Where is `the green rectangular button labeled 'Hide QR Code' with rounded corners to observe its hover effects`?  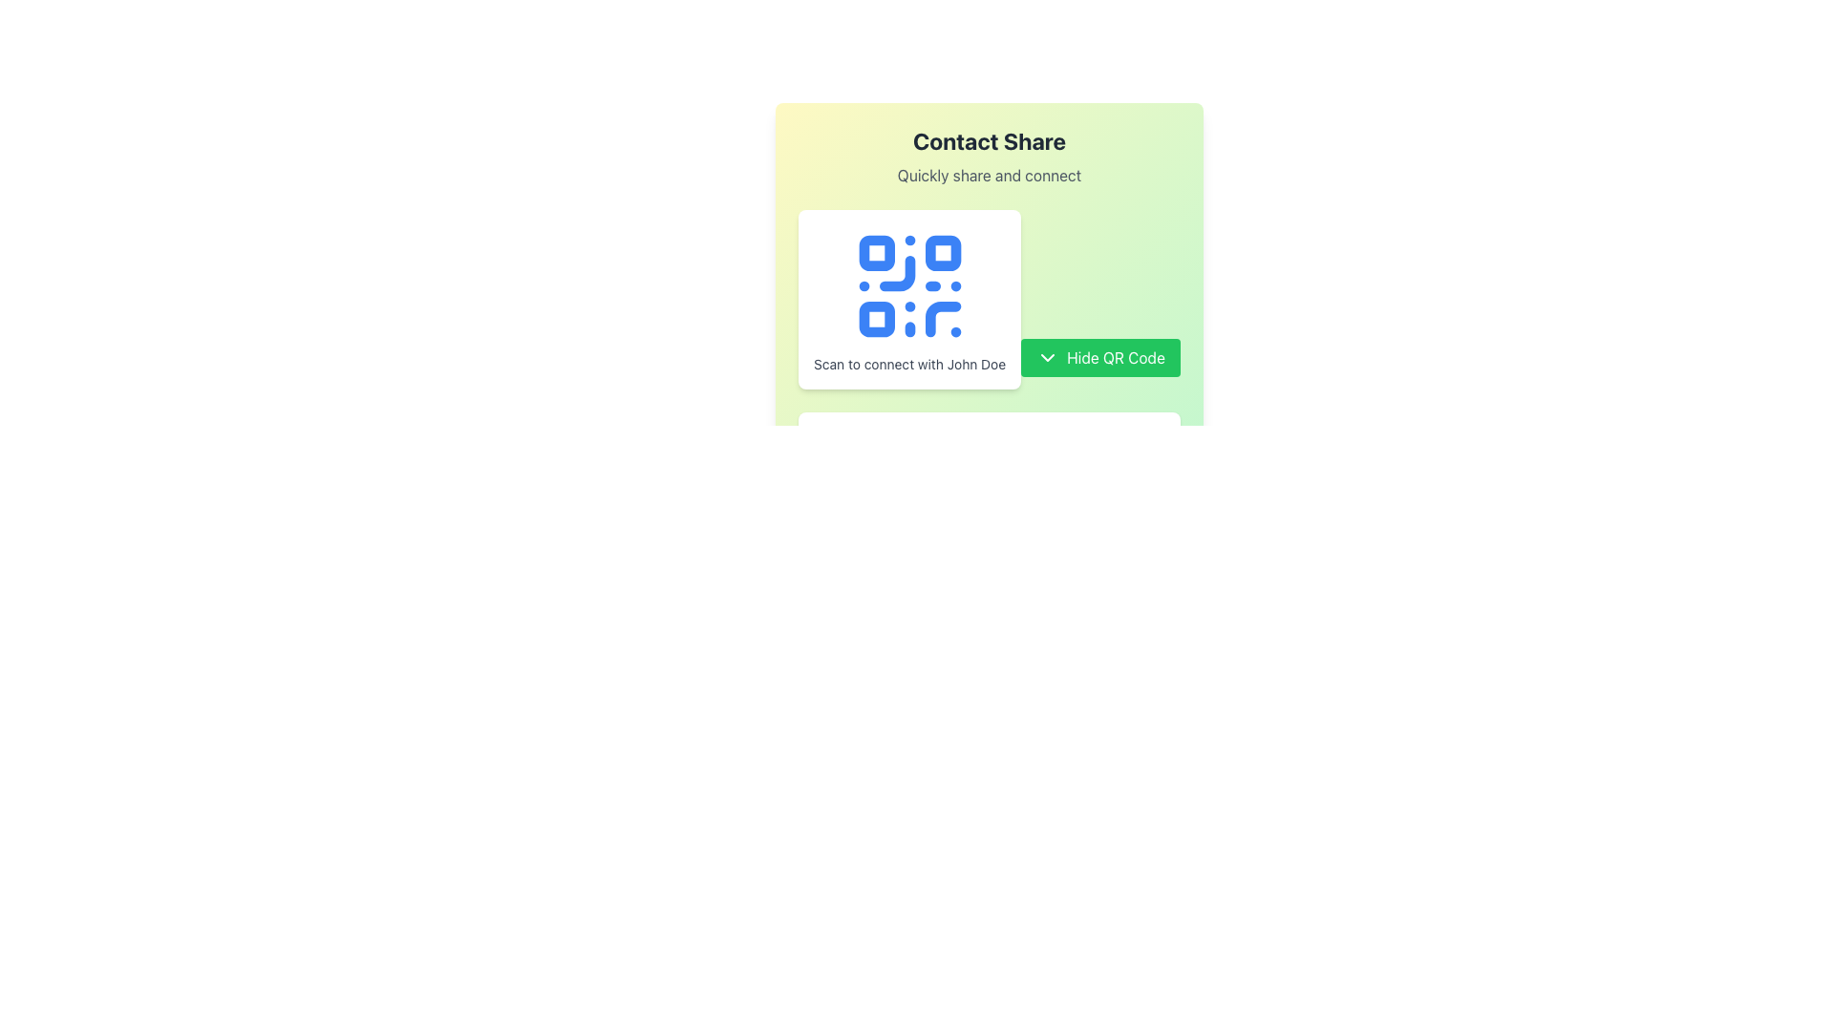
the green rectangular button labeled 'Hide QR Code' with rounded corners to observe its hover effects is located at coordinates (1100, 357).